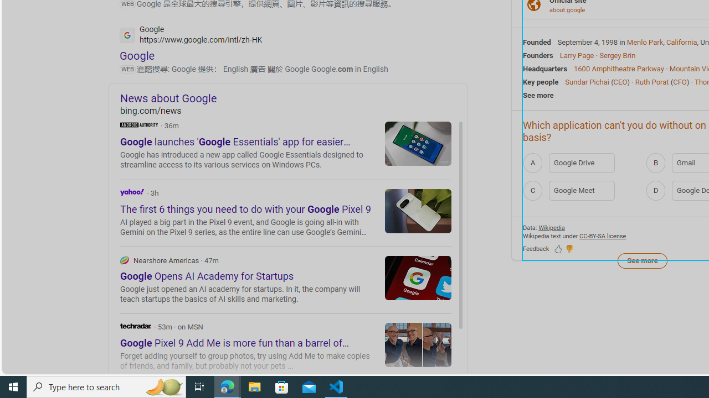 This screenshot has height=398, width=709. Describe the element at coordinates (106, 386) in the screenshot. I see `'Type here to search'` at that location.